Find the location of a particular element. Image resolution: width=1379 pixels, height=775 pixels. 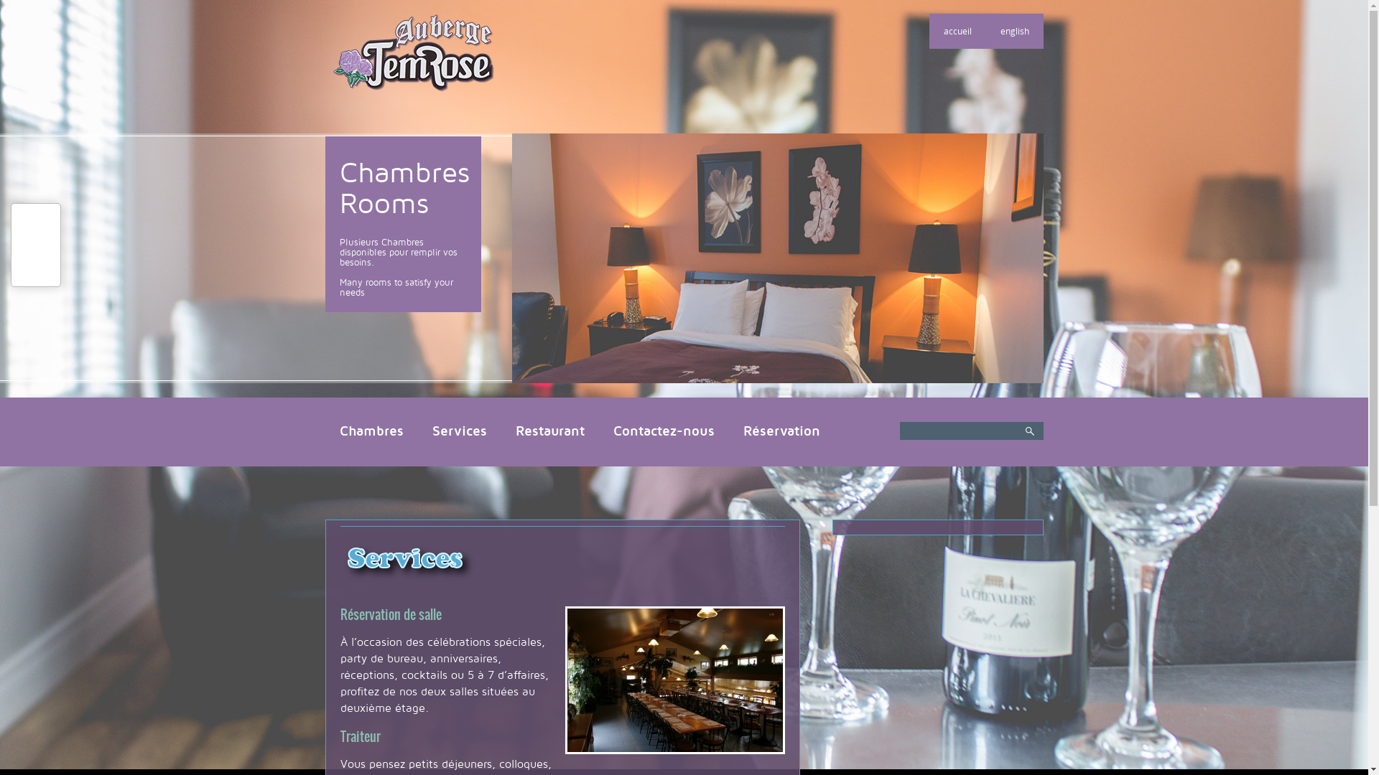

'english' is located at coordinates (985, 31).